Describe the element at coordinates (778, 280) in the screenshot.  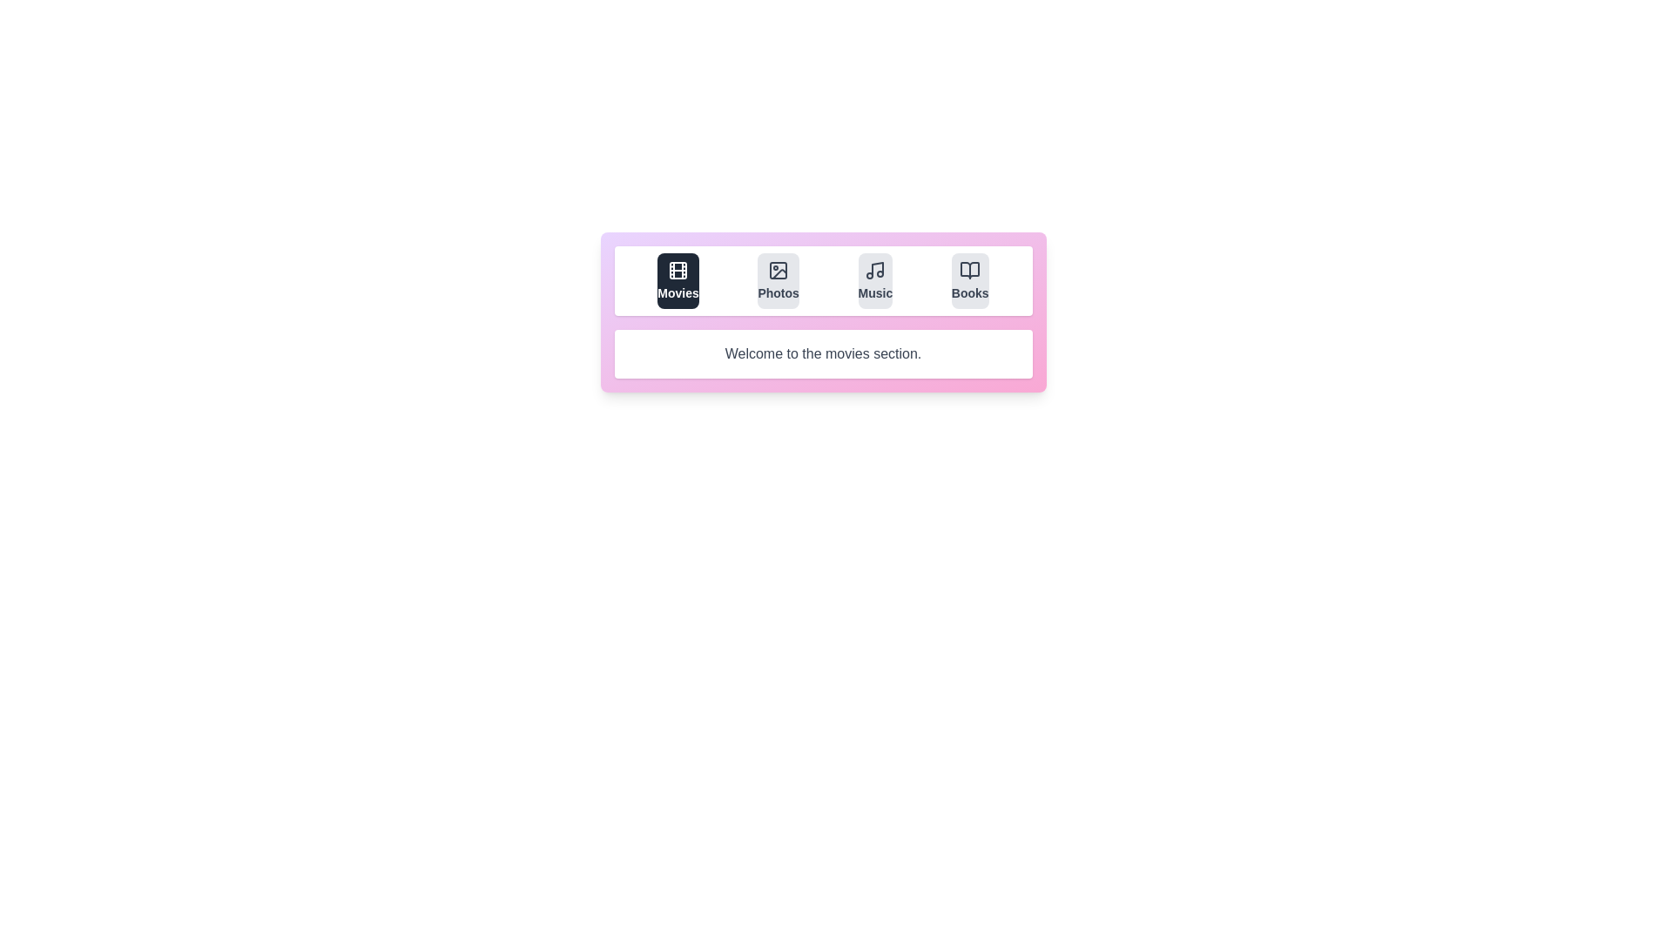
I see `the tab labeled Photos` at that location.